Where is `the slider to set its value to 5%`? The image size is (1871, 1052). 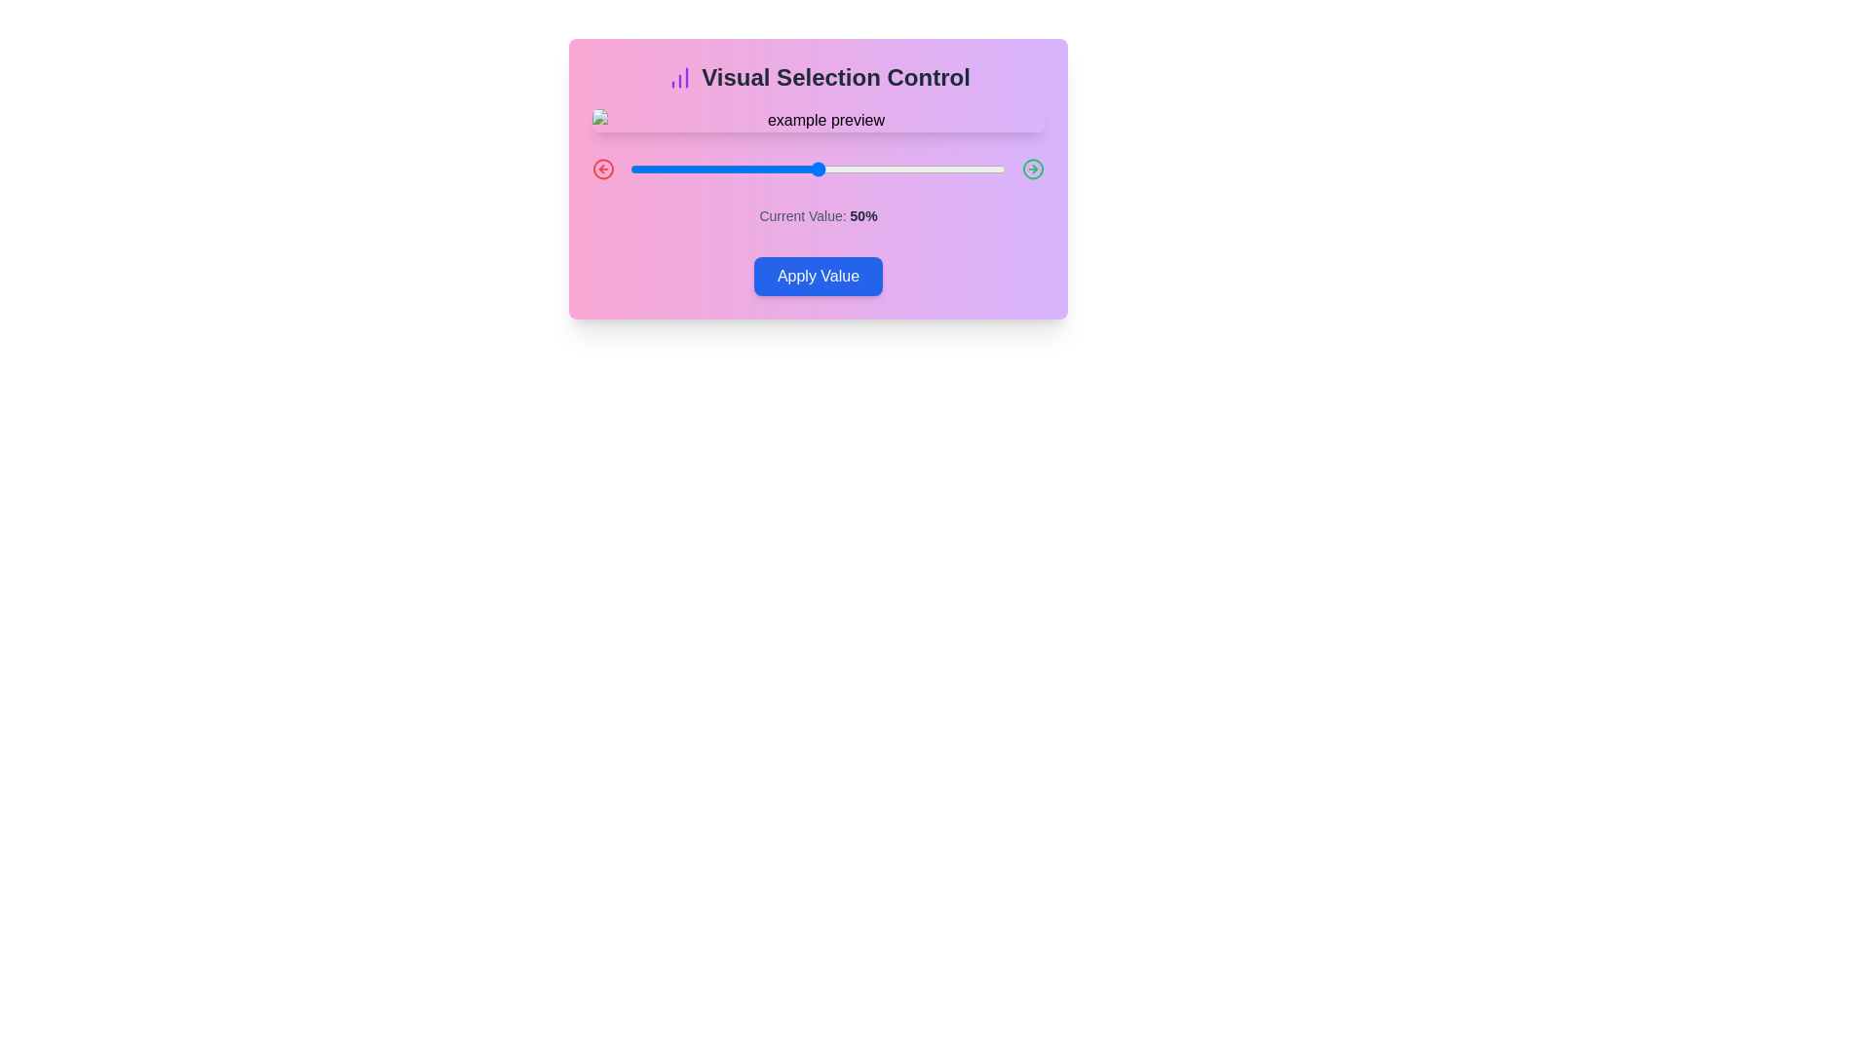
the slider to set its value to 5% is located at coordinates (649, 168).